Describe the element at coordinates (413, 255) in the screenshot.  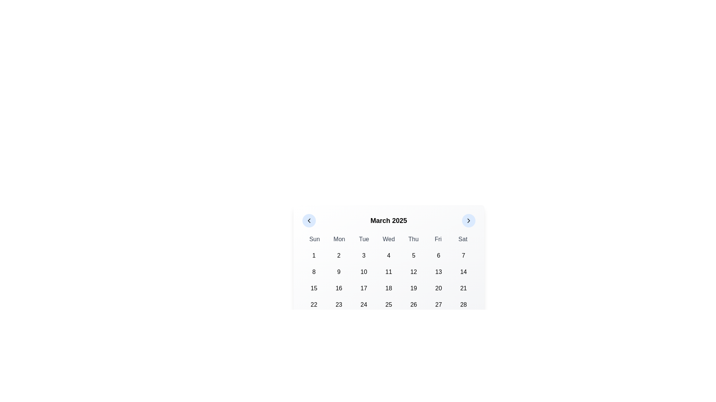
I see `the button displaying the numeral '5' in bold black font, which is part of the calendar grid under the column labeled 'Thu'` at that location.